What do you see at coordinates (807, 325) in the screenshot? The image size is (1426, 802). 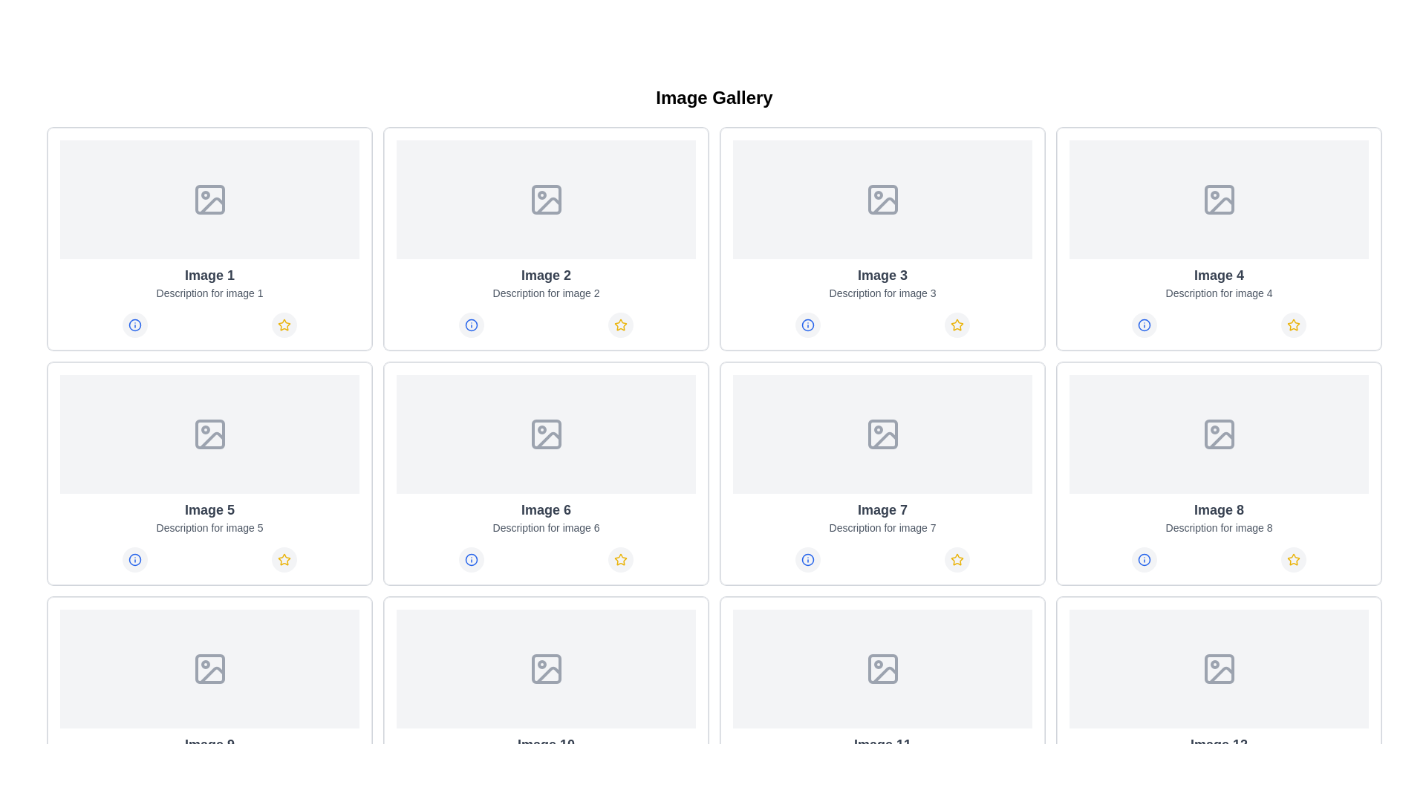 I see `the rounded icon button with a gray background and a blue outlined information symbol located in the second row, third column of the grid layout` at bounding box center [807, 325].